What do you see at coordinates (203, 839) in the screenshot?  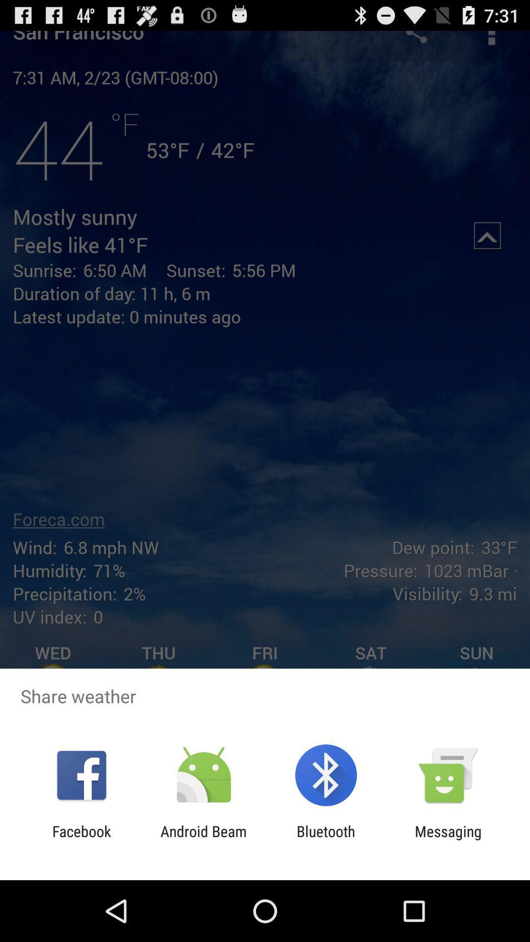 I see `android beam icon` at bounding box center [203, 839].